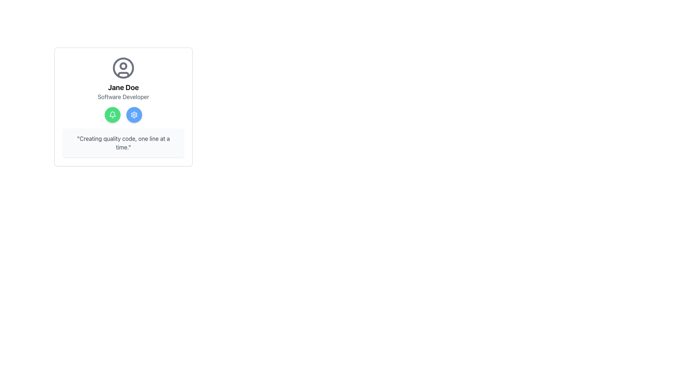  What do you see at coordinates (134, 115) in the screenshot?
I see `the gear-shaped settings icon located at the bottom-right of the profile card` at bounding box center [134, 115].